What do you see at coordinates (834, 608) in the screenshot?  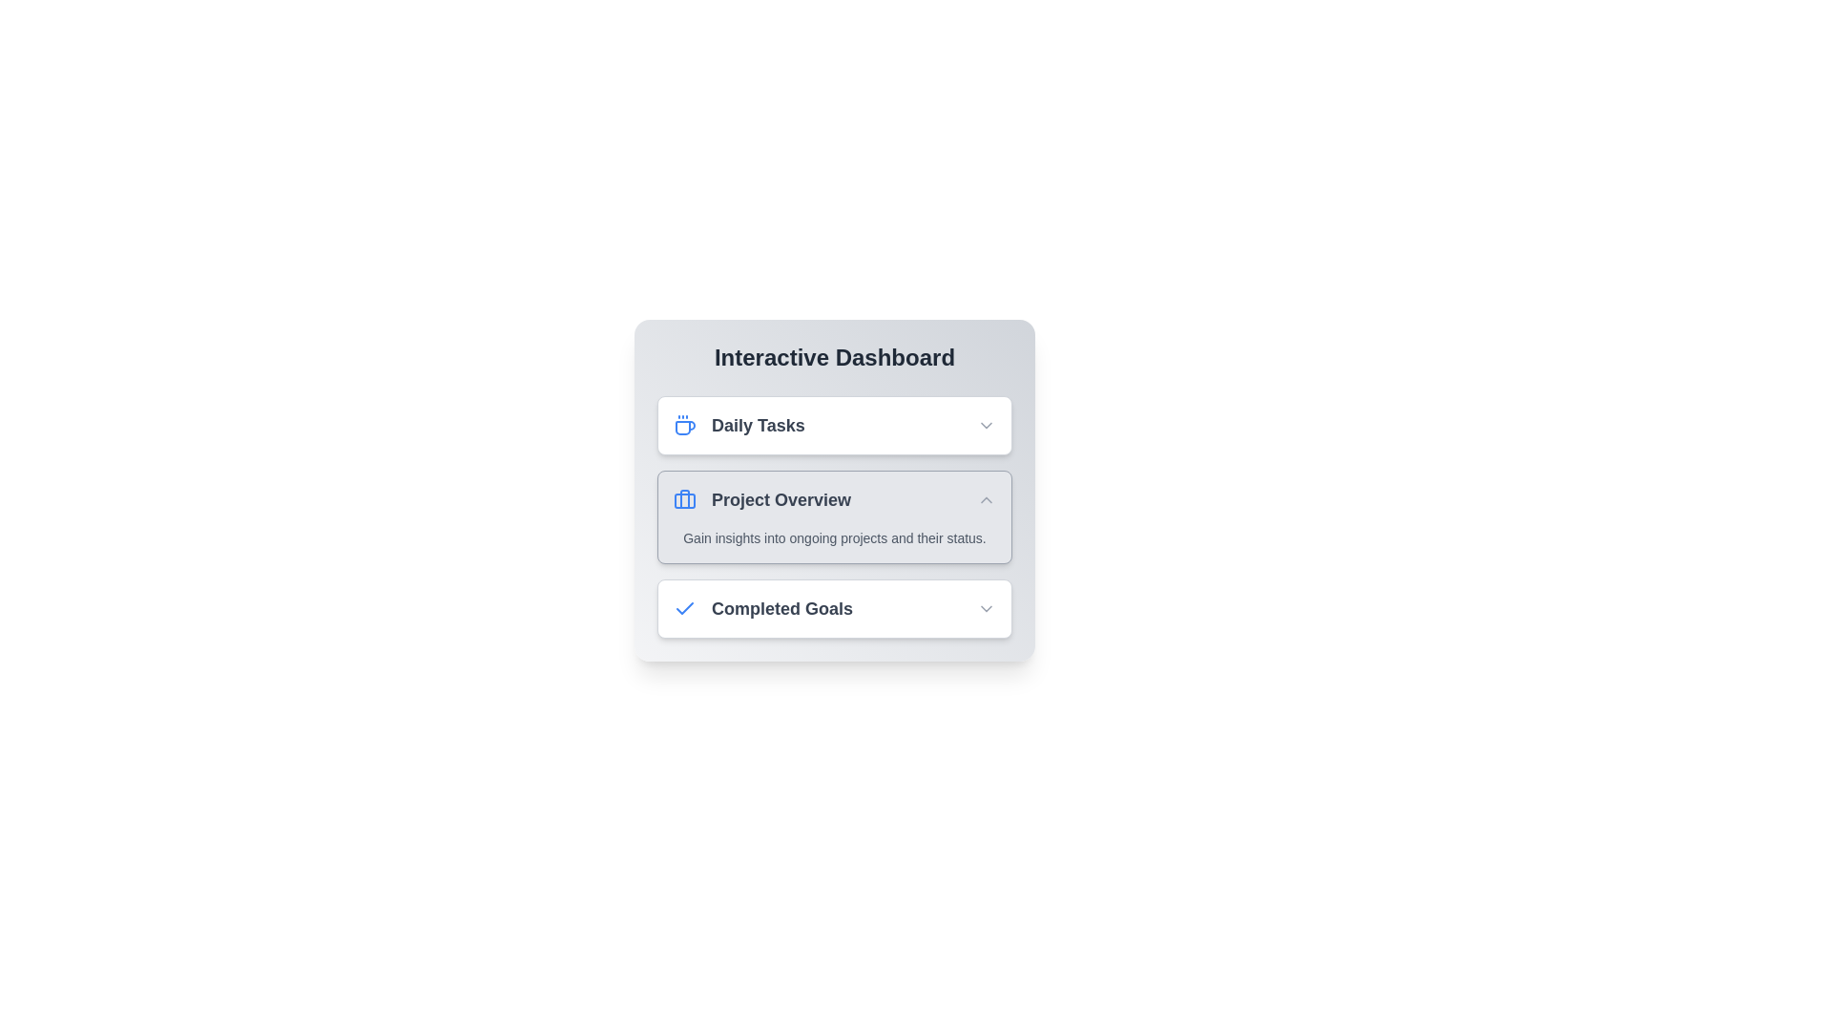 I see `the specified section of the dashboard: Completed Goals` at bounding box center [834, 608].